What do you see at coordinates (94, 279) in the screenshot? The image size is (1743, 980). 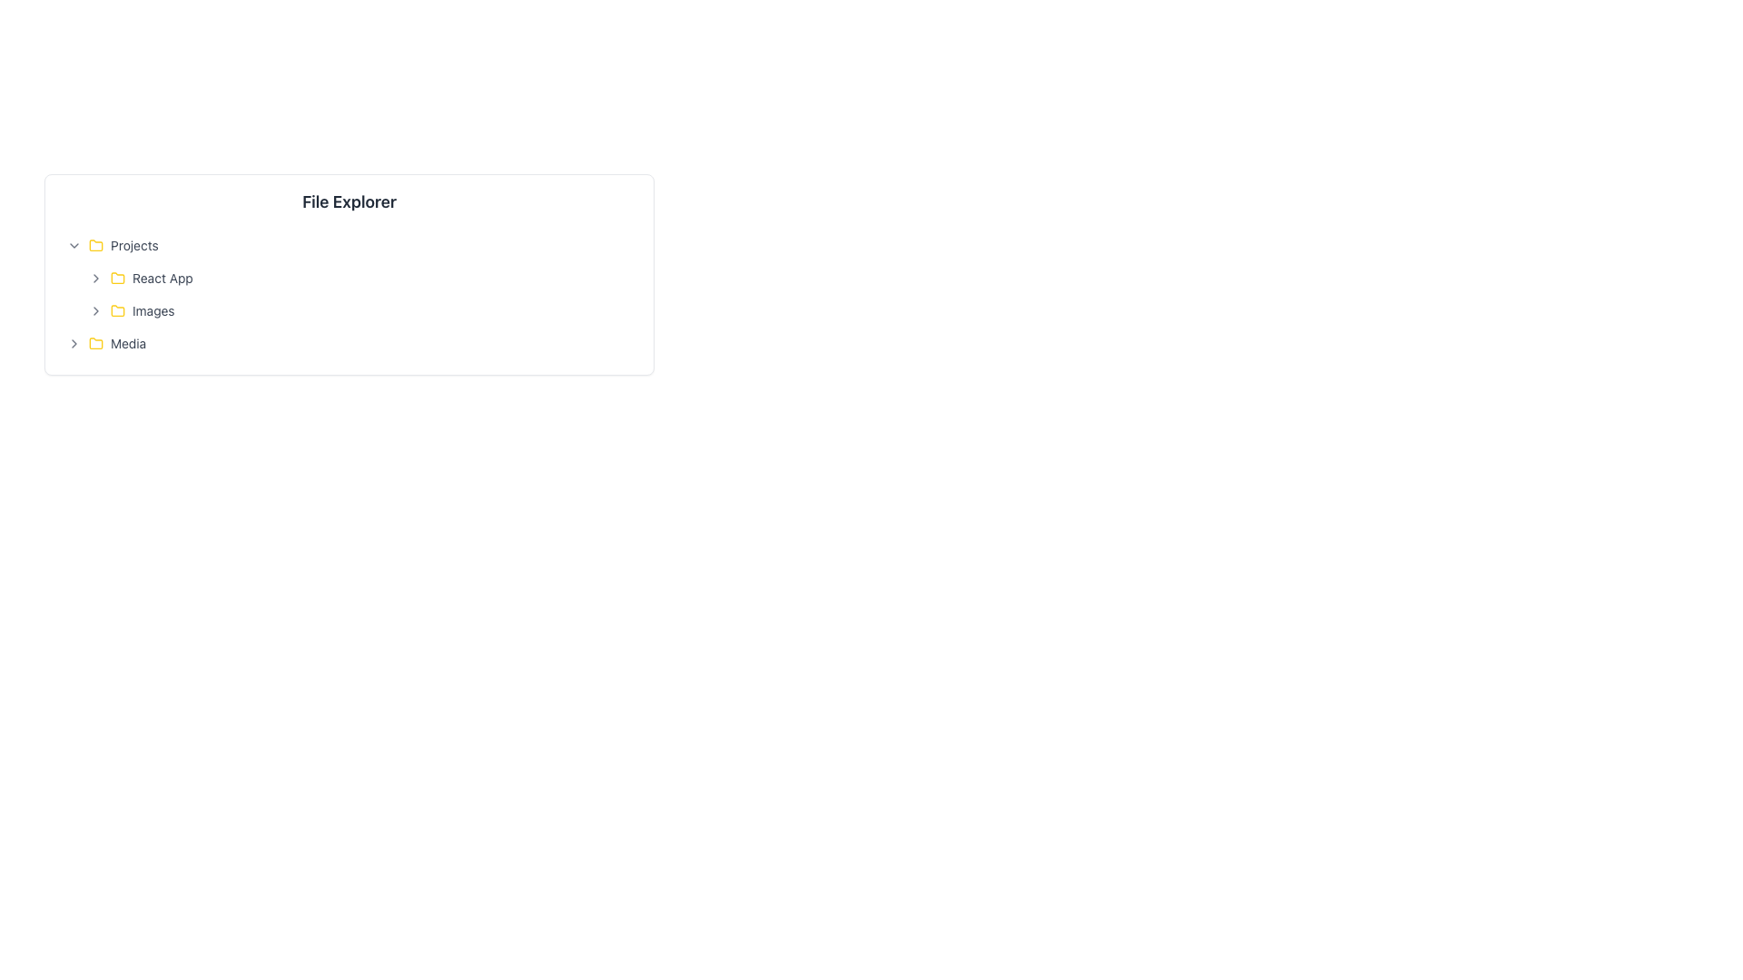 I see `the rightward-pointing chevron icon used for navigation or toggling, located to the left of the 'React App' text` at bounding box center [94, 279].